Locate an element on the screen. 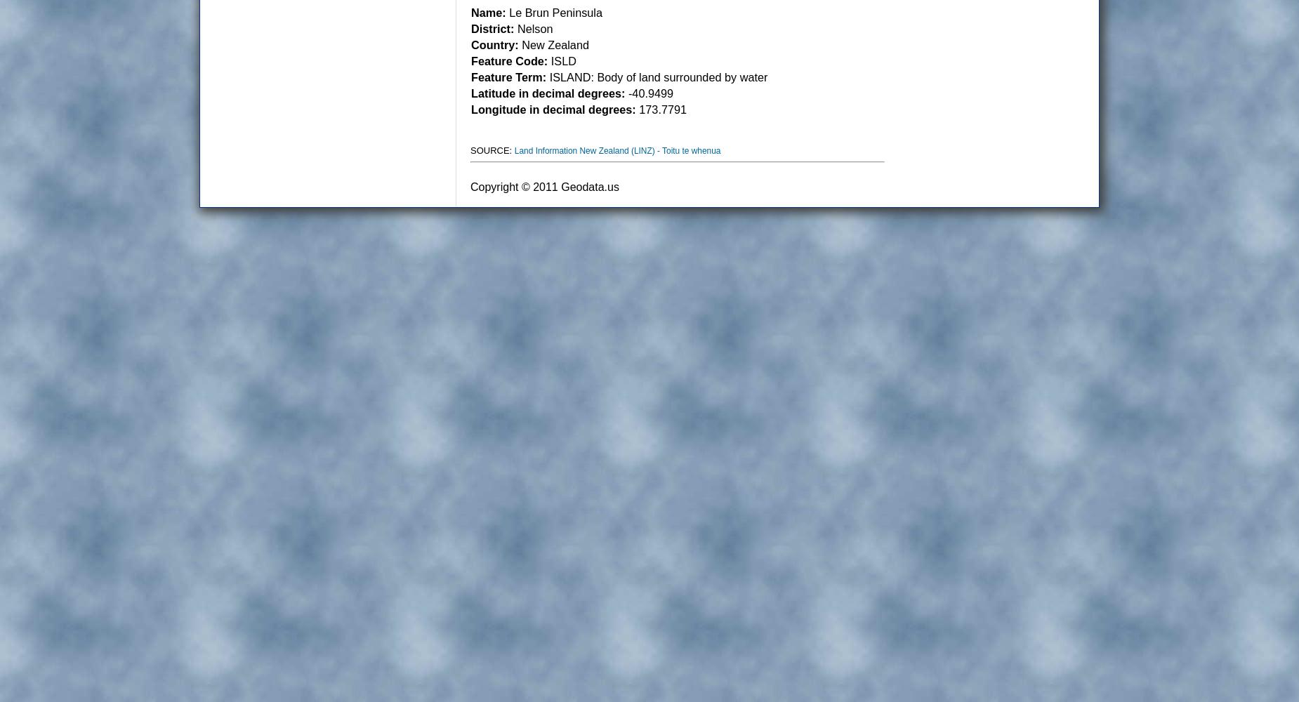  'Land Information New Zealand (LINZ) - Toitu te whenua' is located at coordinates (616, 150).